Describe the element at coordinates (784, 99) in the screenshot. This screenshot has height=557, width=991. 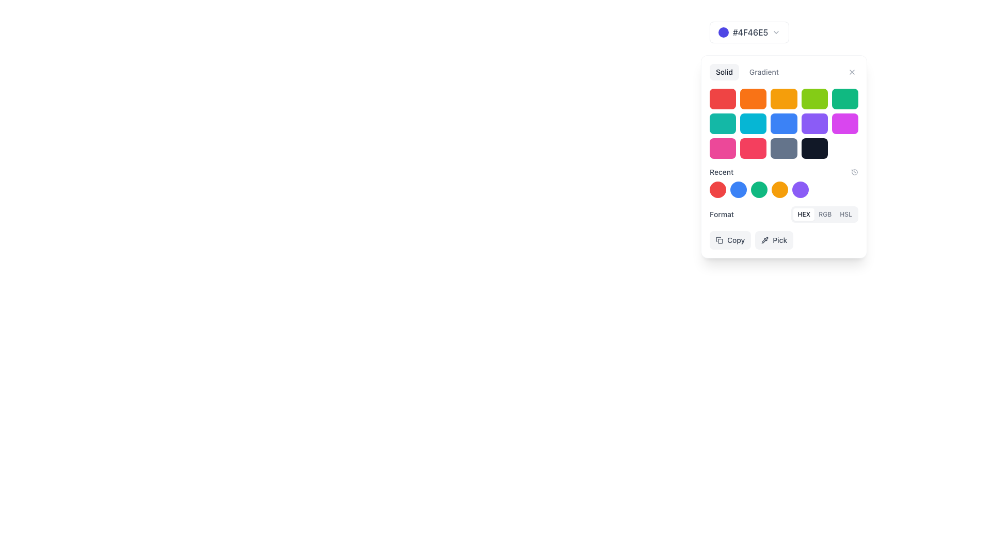
I see `the button located in the 3rd position of the topmost row of a 5-column grid layout` at that location.